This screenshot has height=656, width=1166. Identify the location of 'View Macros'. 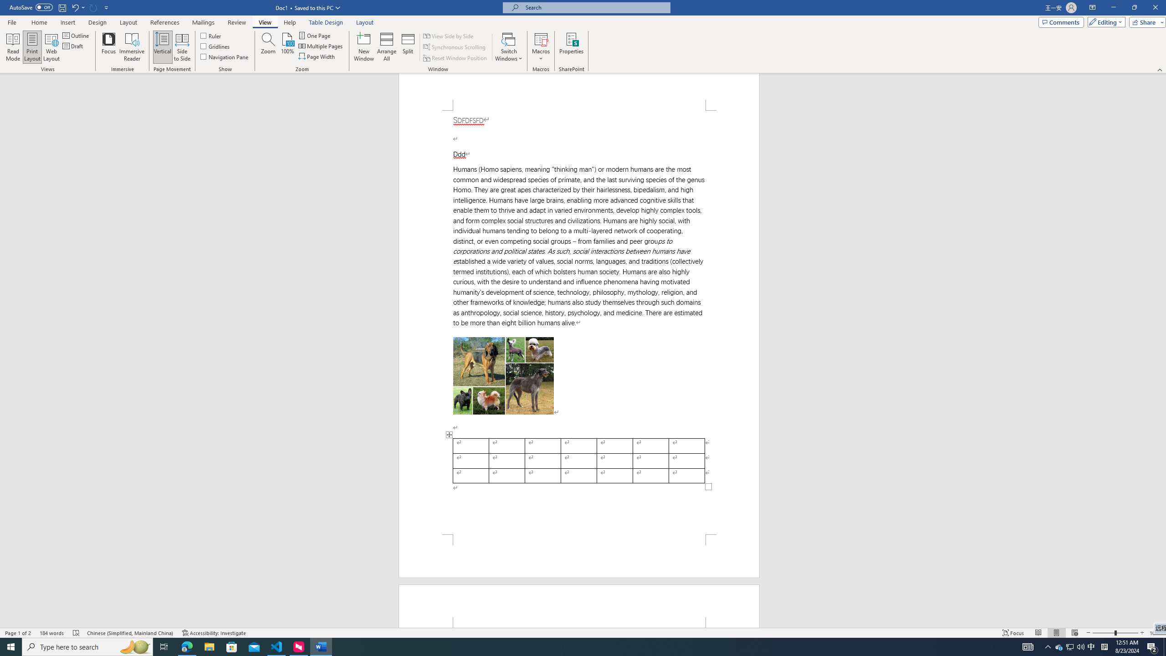
(540, 38).